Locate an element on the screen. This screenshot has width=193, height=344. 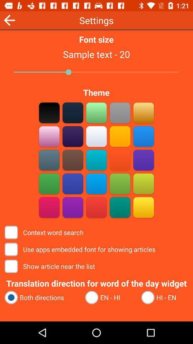
theme color is located at coordinates (49, 160).